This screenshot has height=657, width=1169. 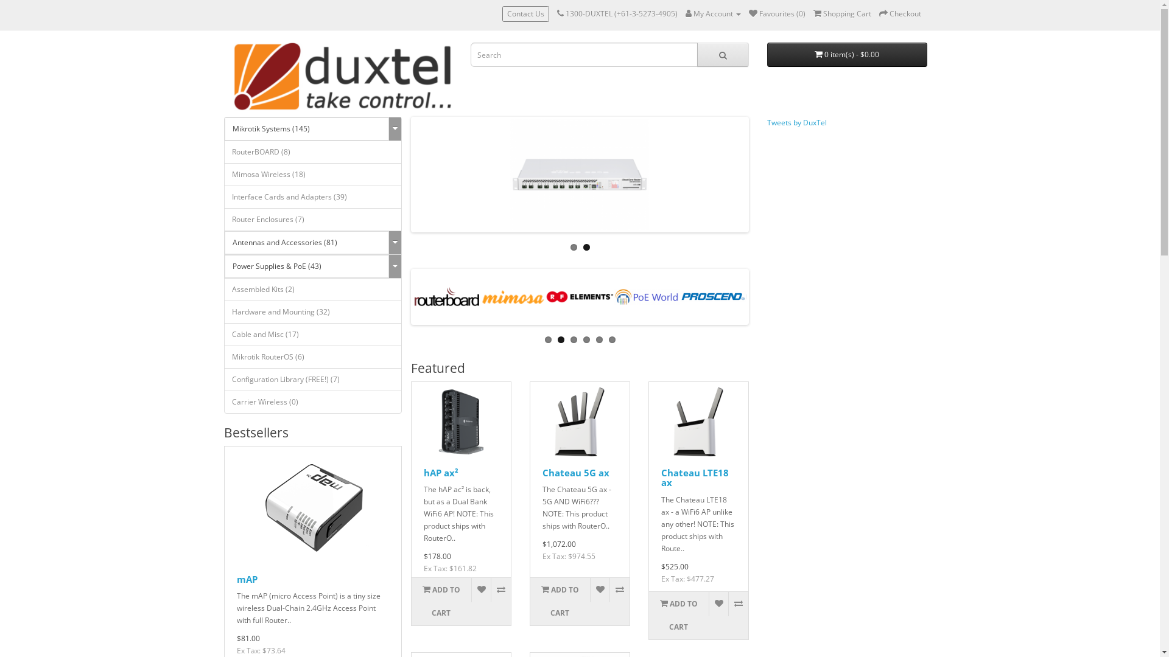 What do you see at coordinates (341, 77) in the screenshot?
I see `'DuxTel Online Store'` at bounding box center [341, 77].